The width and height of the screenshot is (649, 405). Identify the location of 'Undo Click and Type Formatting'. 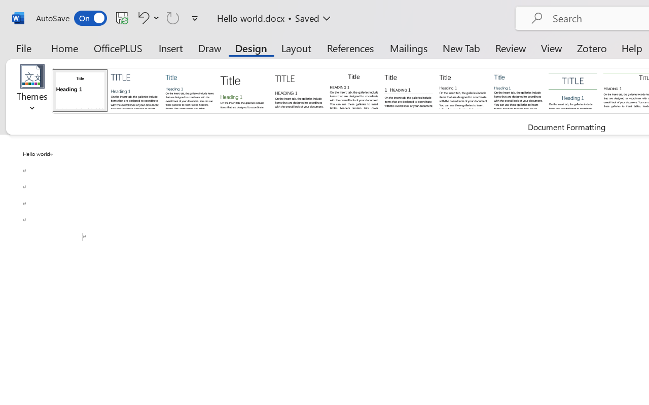
(141, 17).